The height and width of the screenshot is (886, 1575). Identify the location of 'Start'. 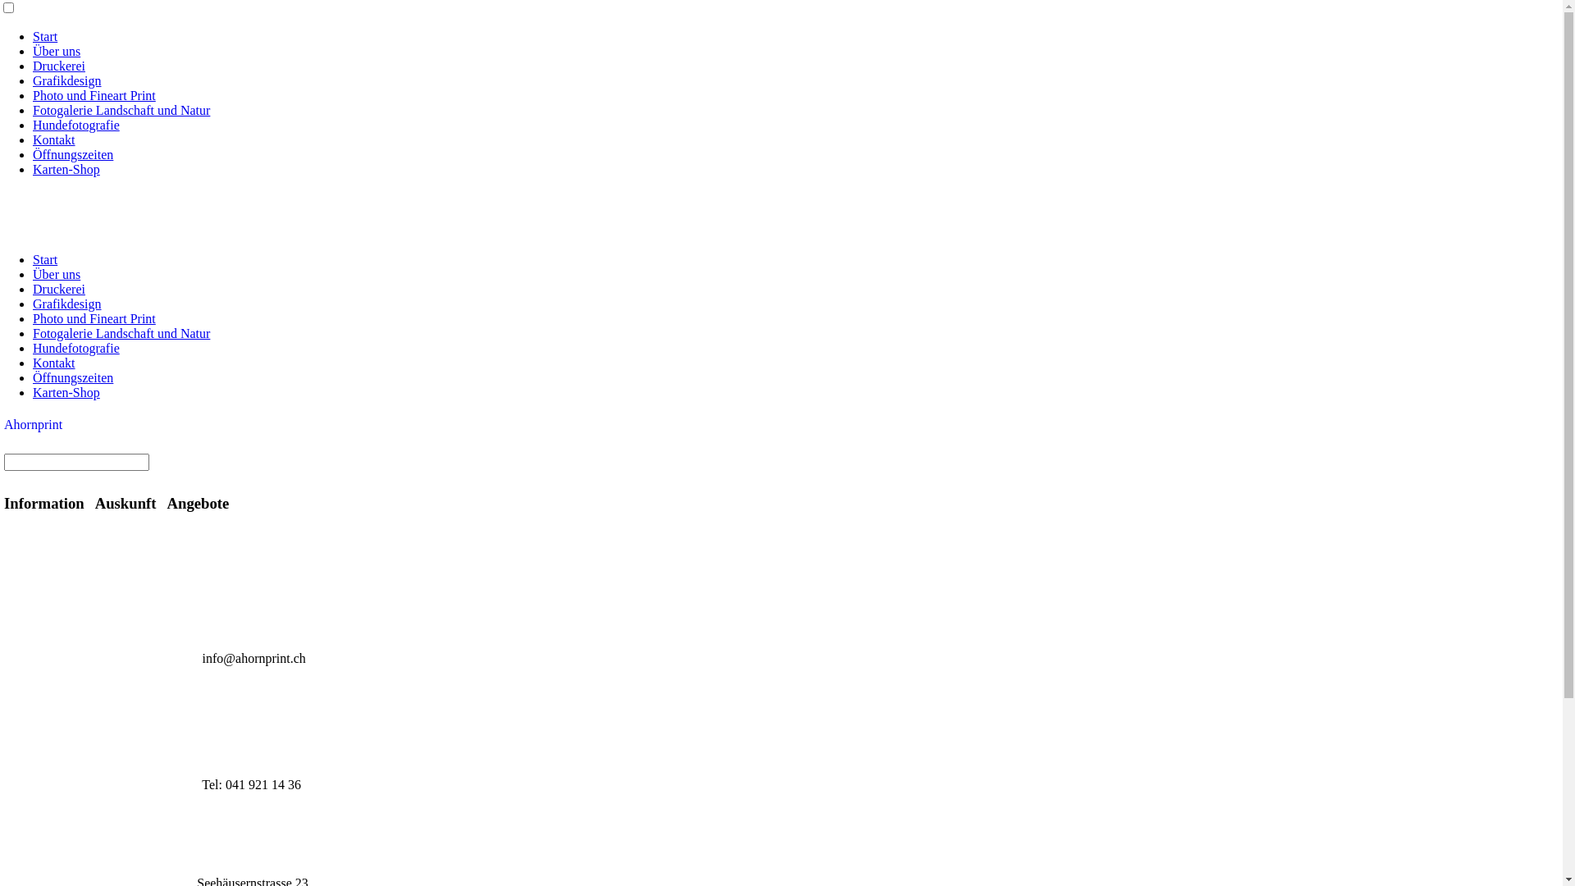
(44, 258).